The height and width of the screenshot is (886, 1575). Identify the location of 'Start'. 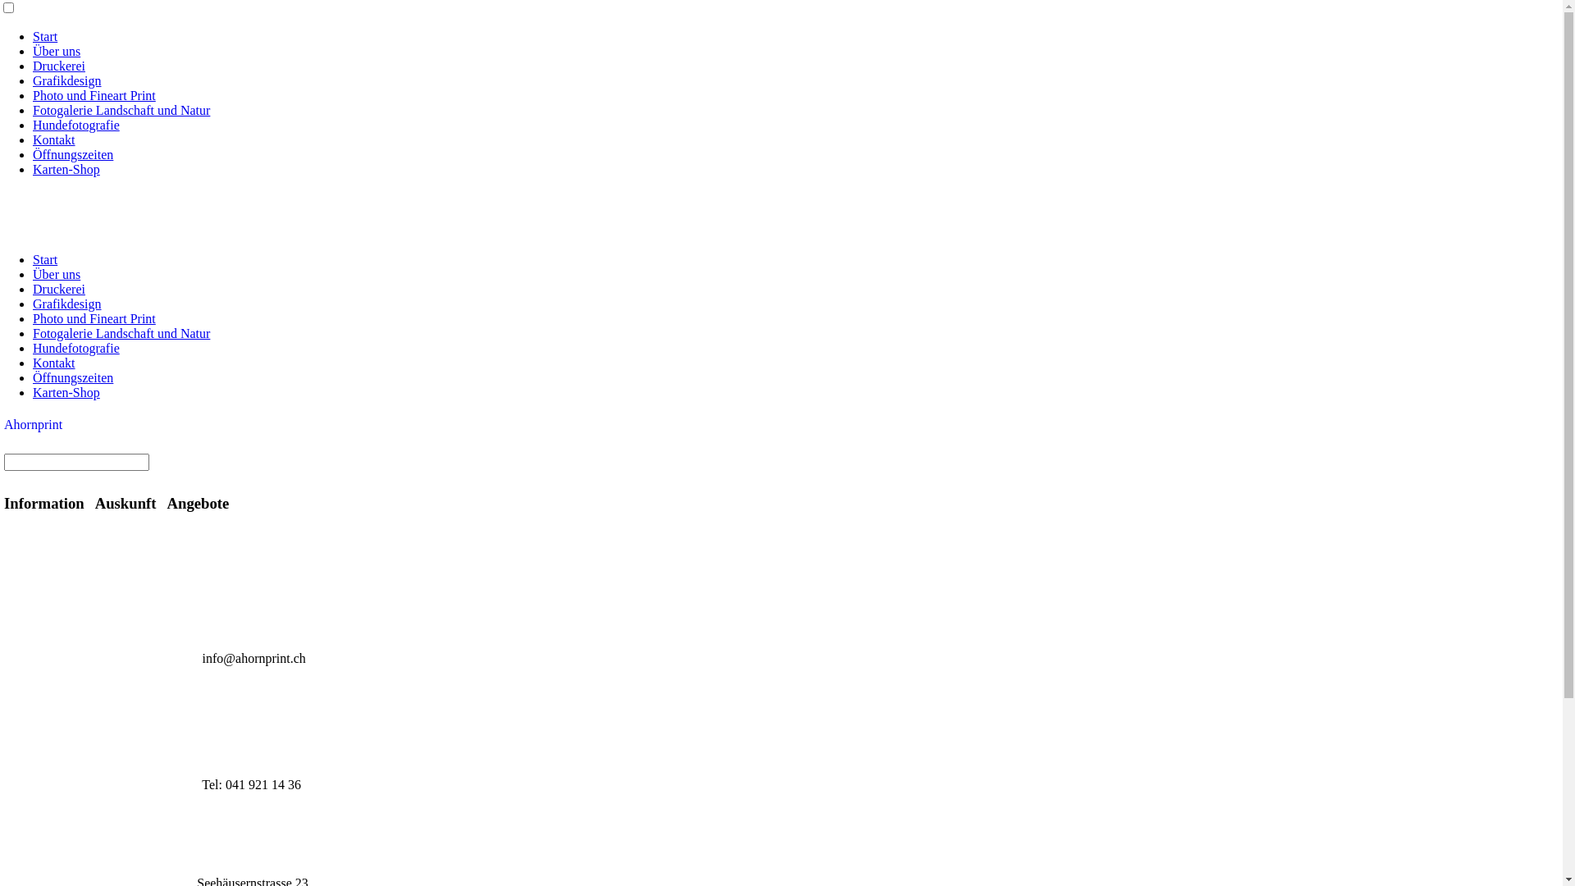
(44, 258).